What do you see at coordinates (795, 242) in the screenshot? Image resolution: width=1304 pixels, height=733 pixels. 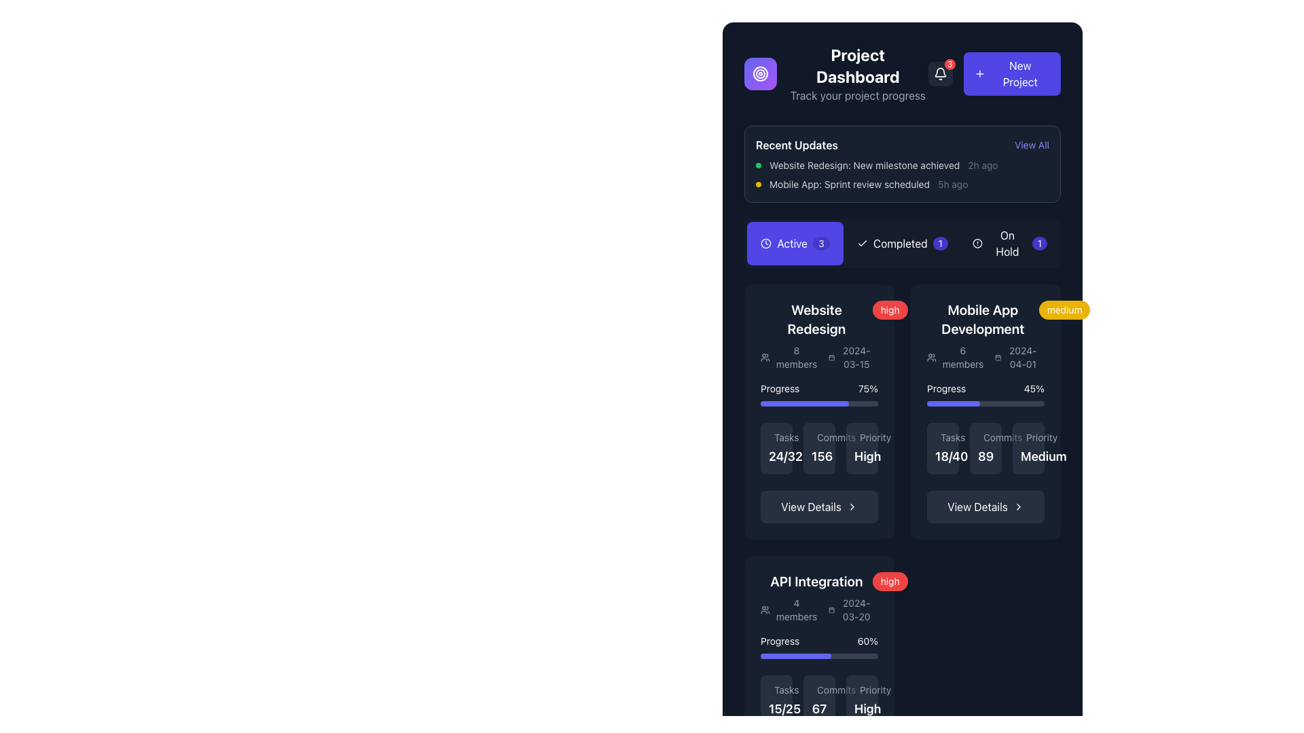 I see `the 'Active' filter button in the 'Recent Updates' section` at bounding box center [795, 242].